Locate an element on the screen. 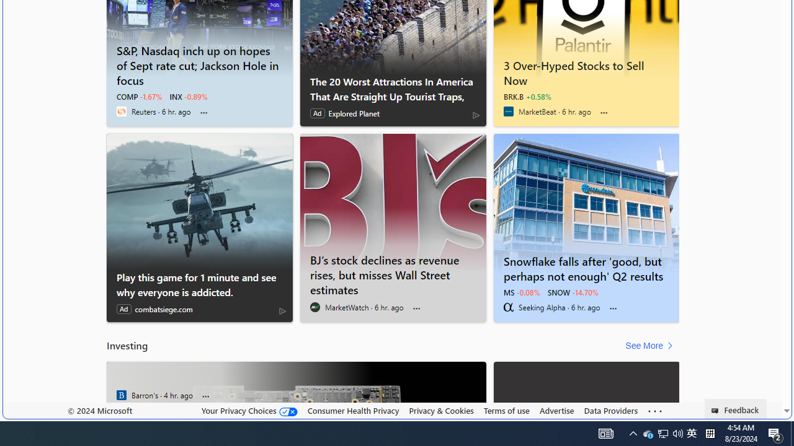 The width and height of the screenshot is (794, 446). 'Seeking Alpha' is located at coordinates (508, 307).